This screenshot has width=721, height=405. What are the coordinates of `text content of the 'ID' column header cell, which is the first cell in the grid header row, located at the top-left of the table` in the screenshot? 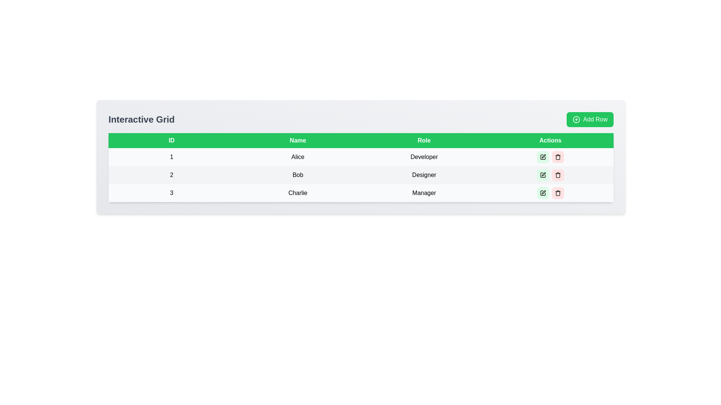 It's located at (171, 140).